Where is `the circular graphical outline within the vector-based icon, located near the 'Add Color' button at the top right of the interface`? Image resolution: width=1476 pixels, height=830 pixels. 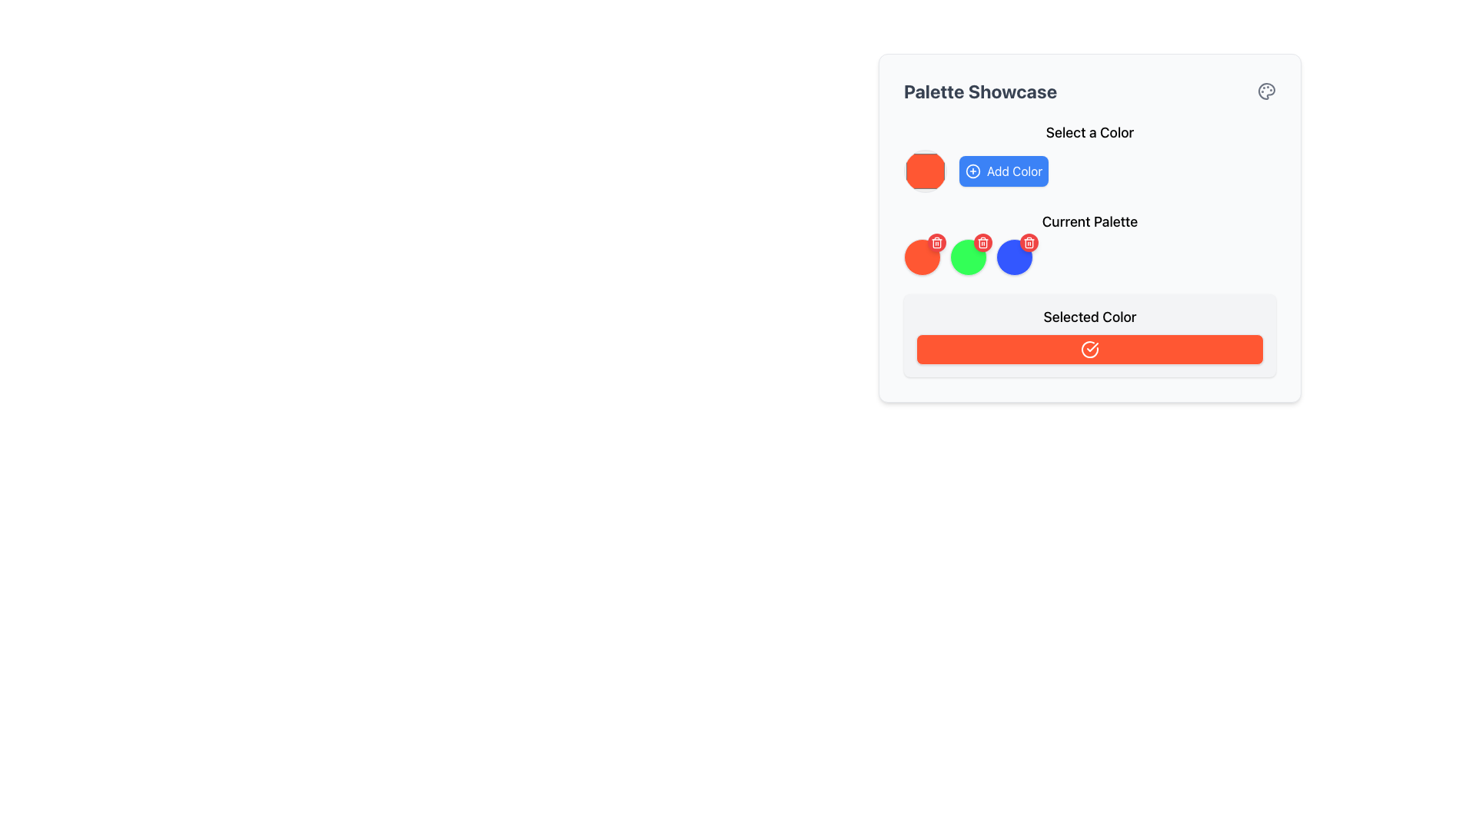
the circular graphical outline within the vector-based icon, located near the 'Add Color' button at the top right of the interface is located at coordinates (972, 171).